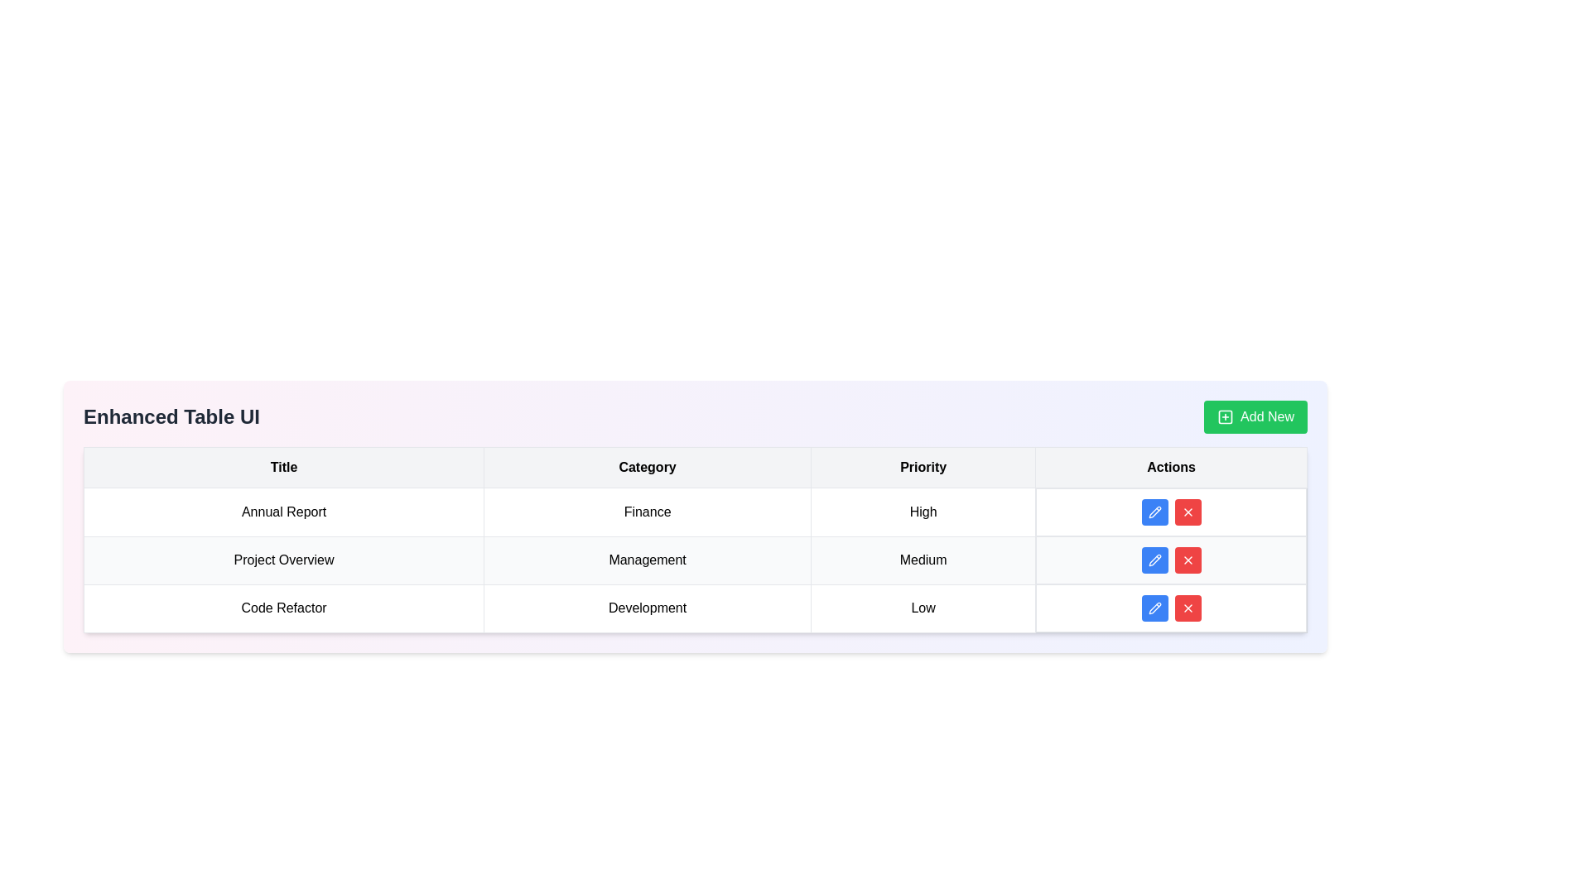 Image resolution: width=1590 pixels, height=894 pixels. I want to click on the delete button in the 'Actions' column of the table row corresponding to the 'Annual Report', so click(1187, 560).